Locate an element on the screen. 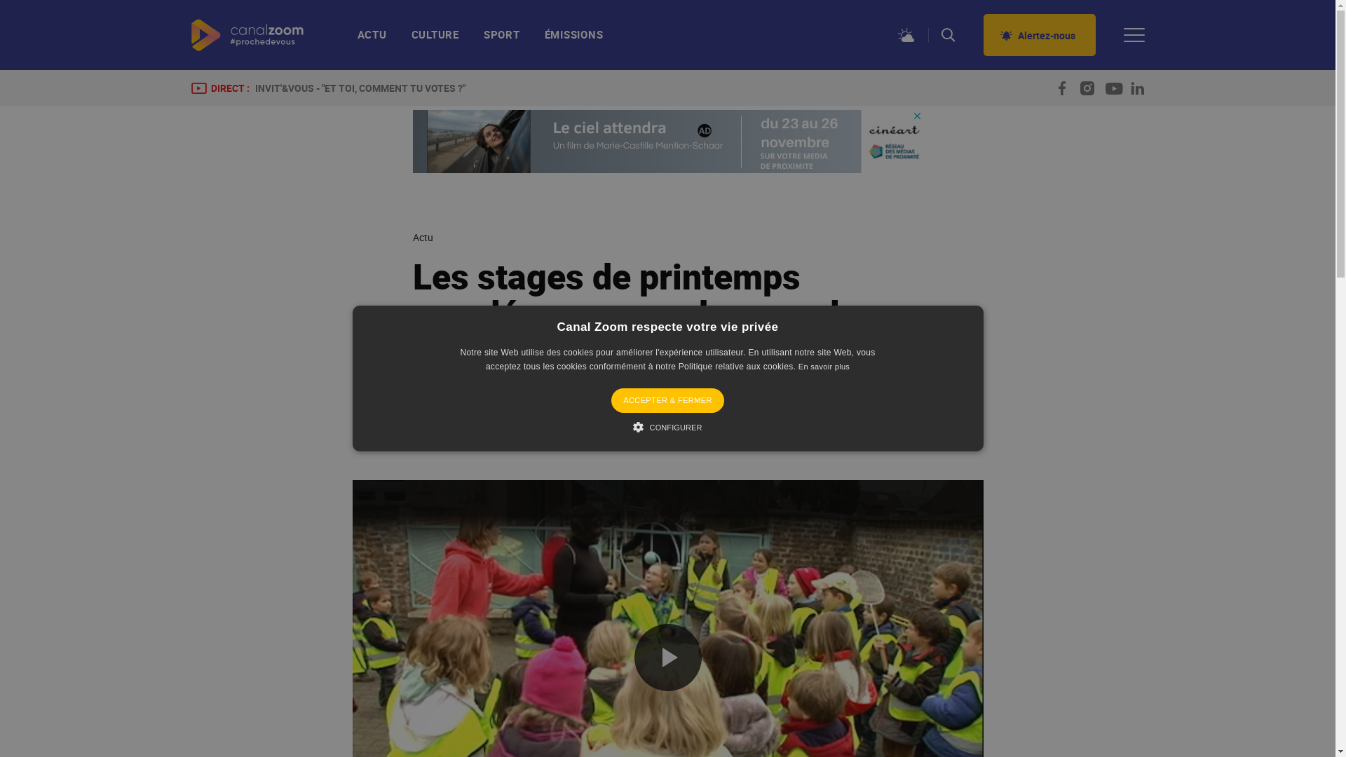 The image size is (1346, 757). 'Alertez-nous' is located at coordinates (981, 34).